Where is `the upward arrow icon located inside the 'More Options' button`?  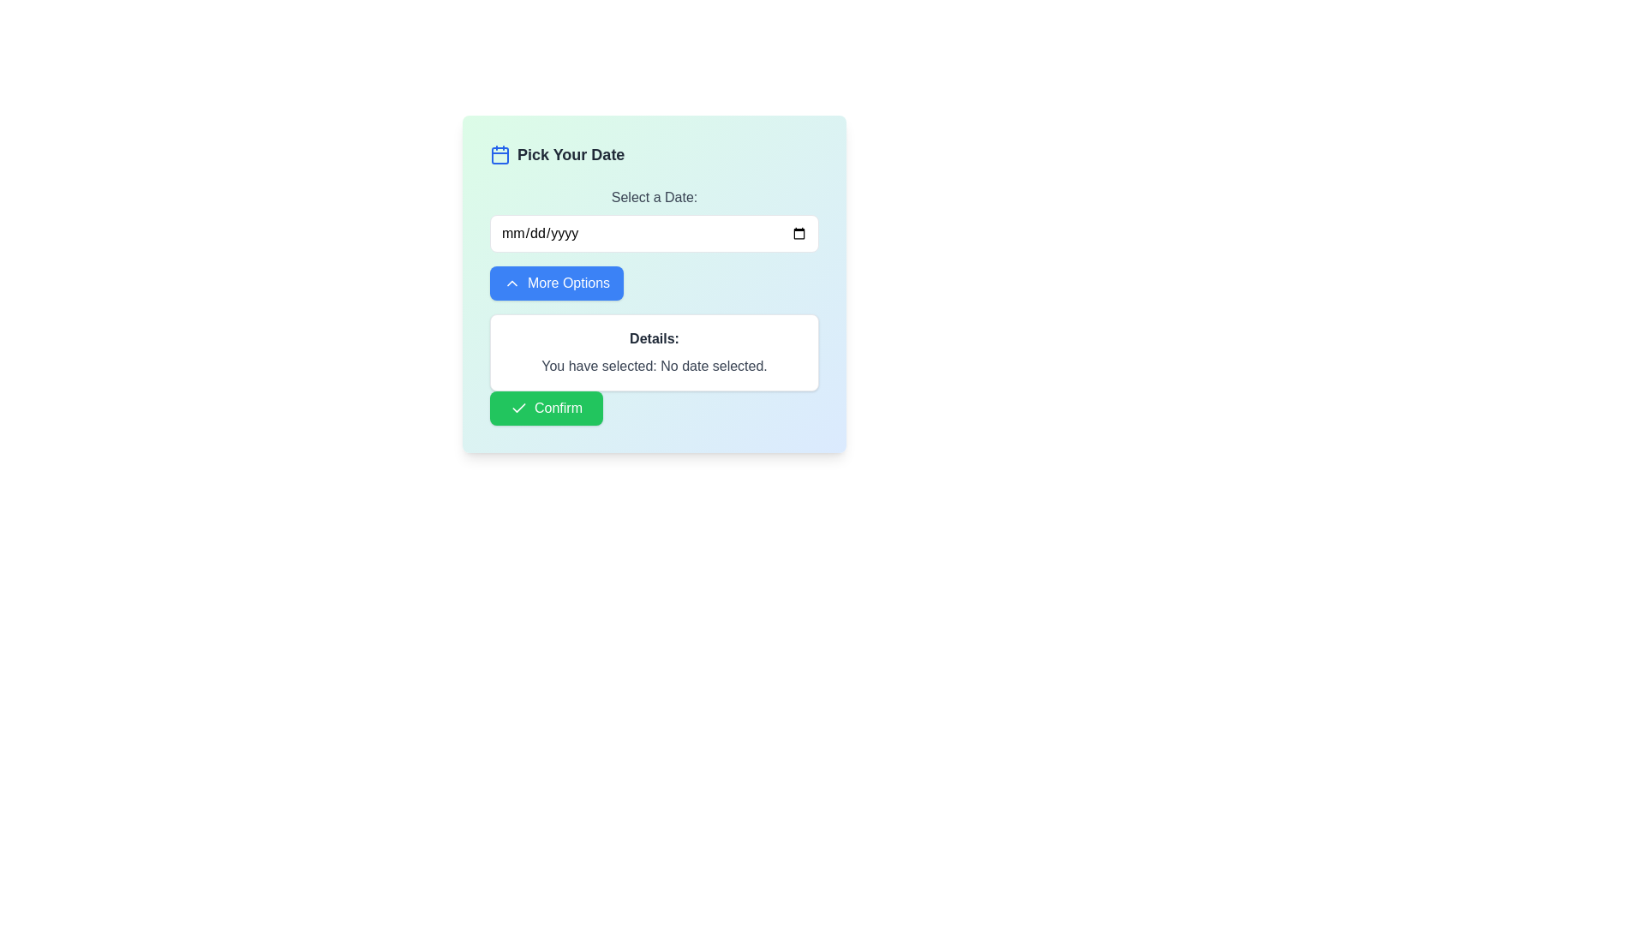 the upward arrow icon located inside the 'More Options' button is located at coordinates (511, 283).